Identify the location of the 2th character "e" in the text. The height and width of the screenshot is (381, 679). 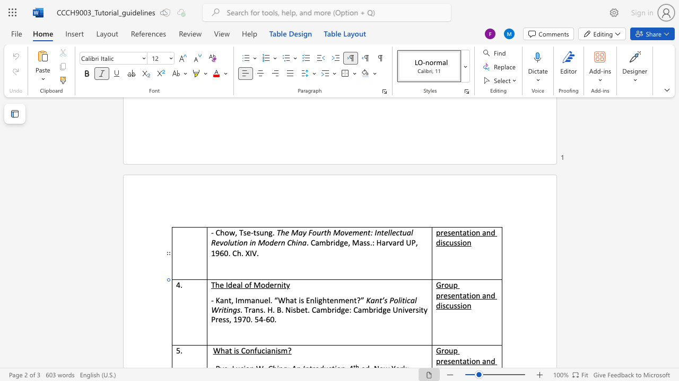
(453, 232).